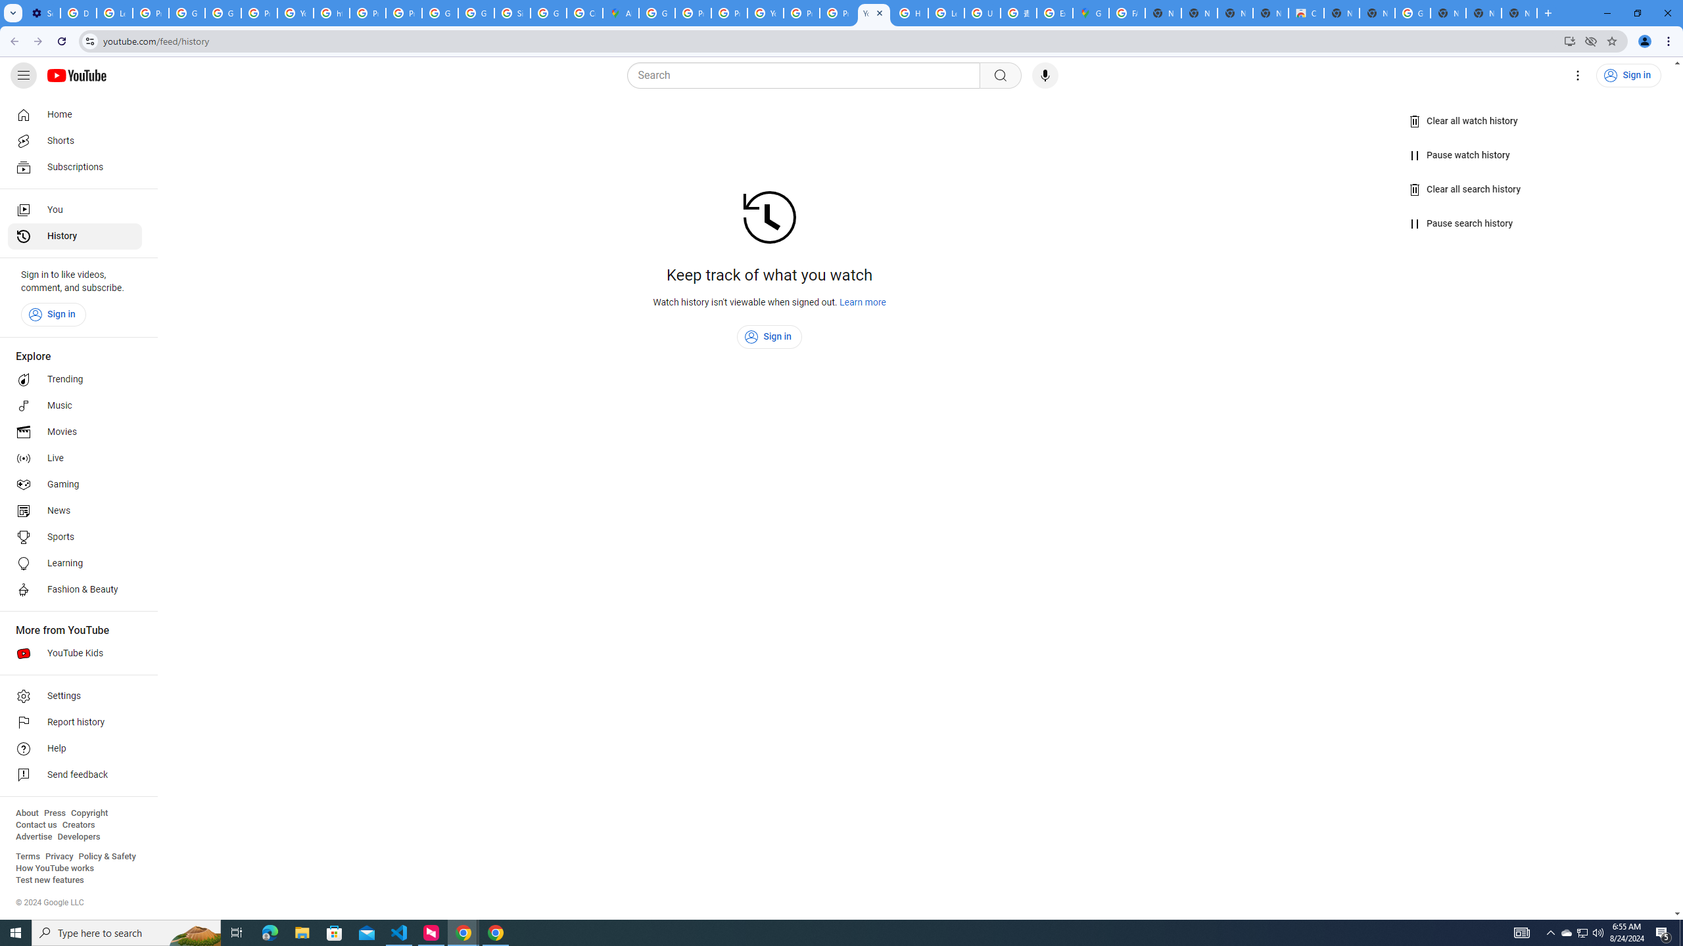 The image size is (1683, 946). Describe the element at coordinates (1090, 12) in the screenshot. I see `'Google Maps'` at that location.